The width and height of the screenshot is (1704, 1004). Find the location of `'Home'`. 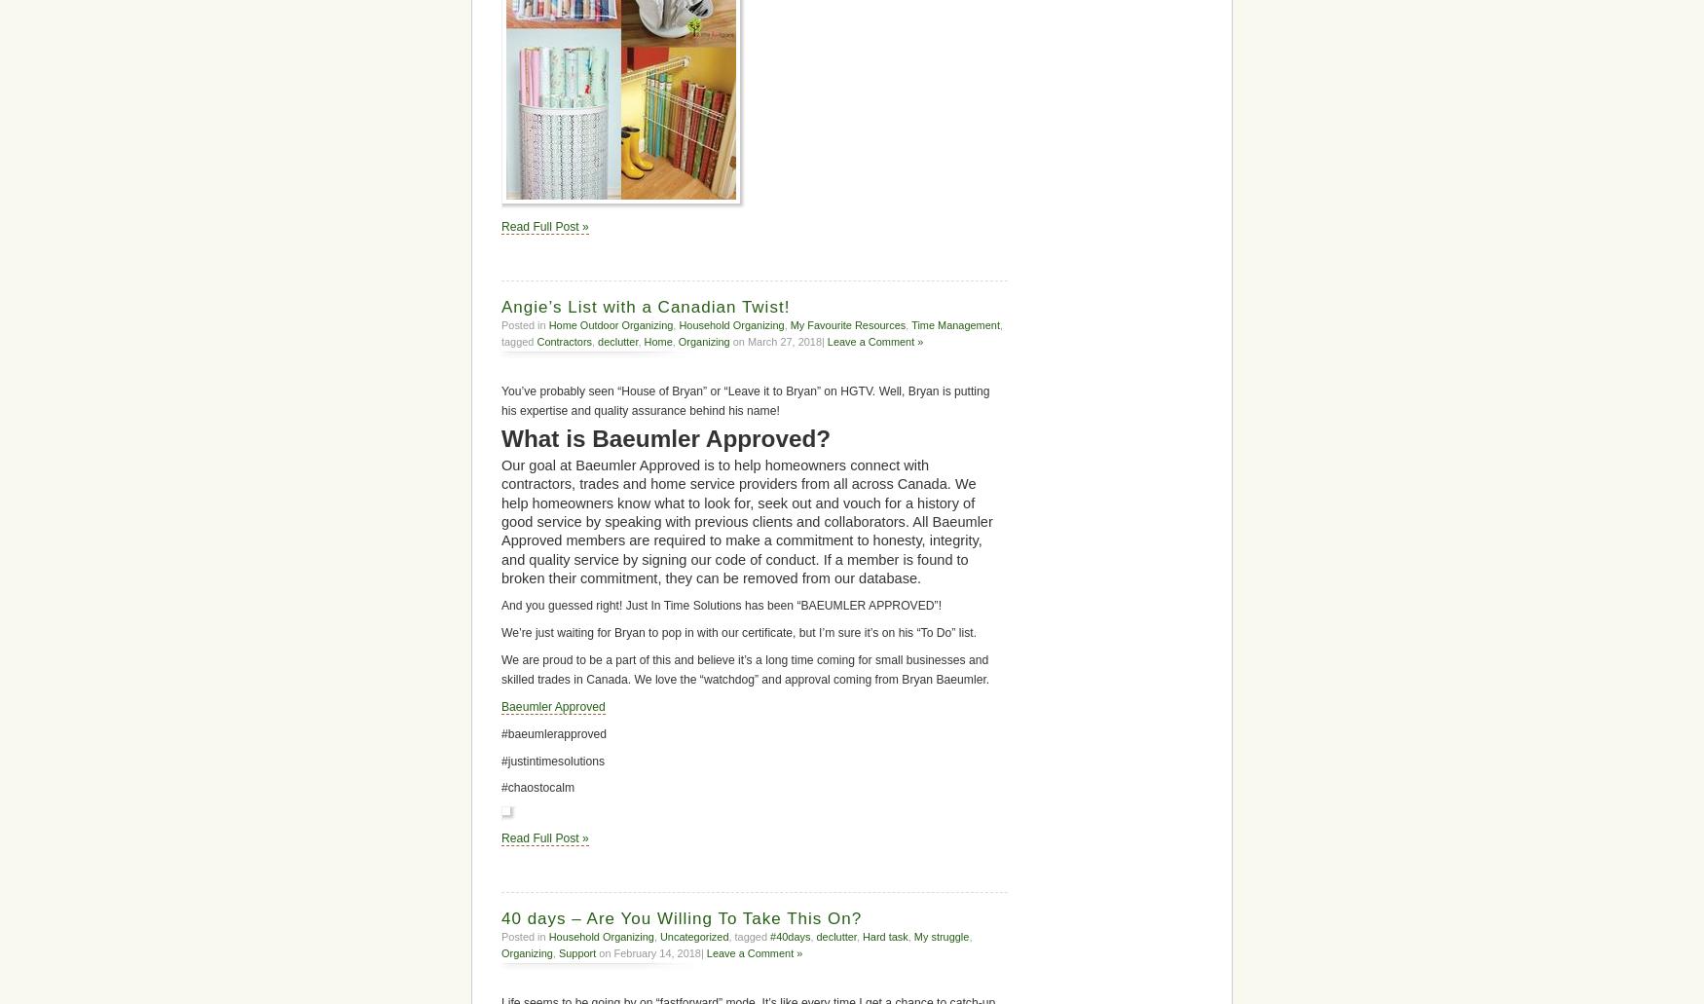

'Home' is located at coordinates (656, 340).